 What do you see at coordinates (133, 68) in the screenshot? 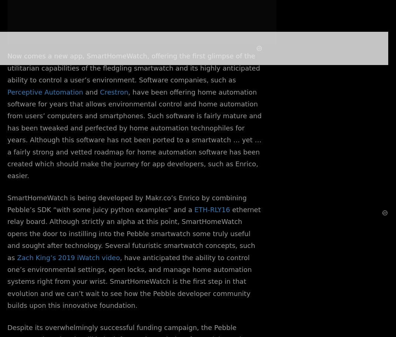
I see `'Now comes a new app, SmartHomeWatch, offering the first glimpse of the utilitarian capabilities of the fledgling smartwatch and its highly anticipated ability to control a user’s environment. Software companies, such as'` at bounding box center [133, 68].